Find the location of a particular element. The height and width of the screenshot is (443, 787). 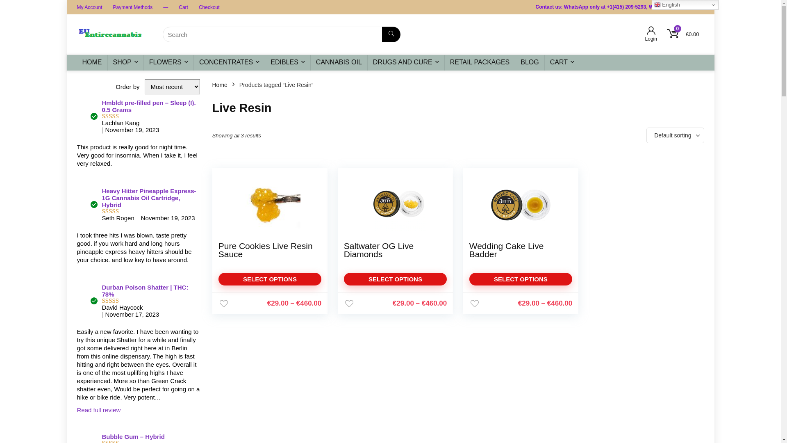

'RETAIL PACKAGES' is located at coordinates (480, 62).